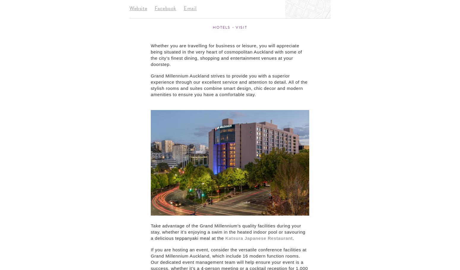 The height and width of the screenshot is (270, 460). I want to click on 'Parking & Transport', so click(349, 99).